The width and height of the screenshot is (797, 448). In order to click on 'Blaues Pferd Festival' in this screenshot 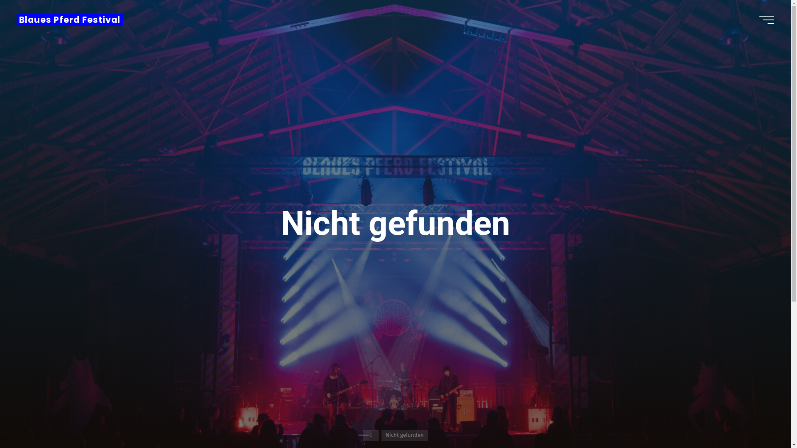, I will do `click(70, 19)`.